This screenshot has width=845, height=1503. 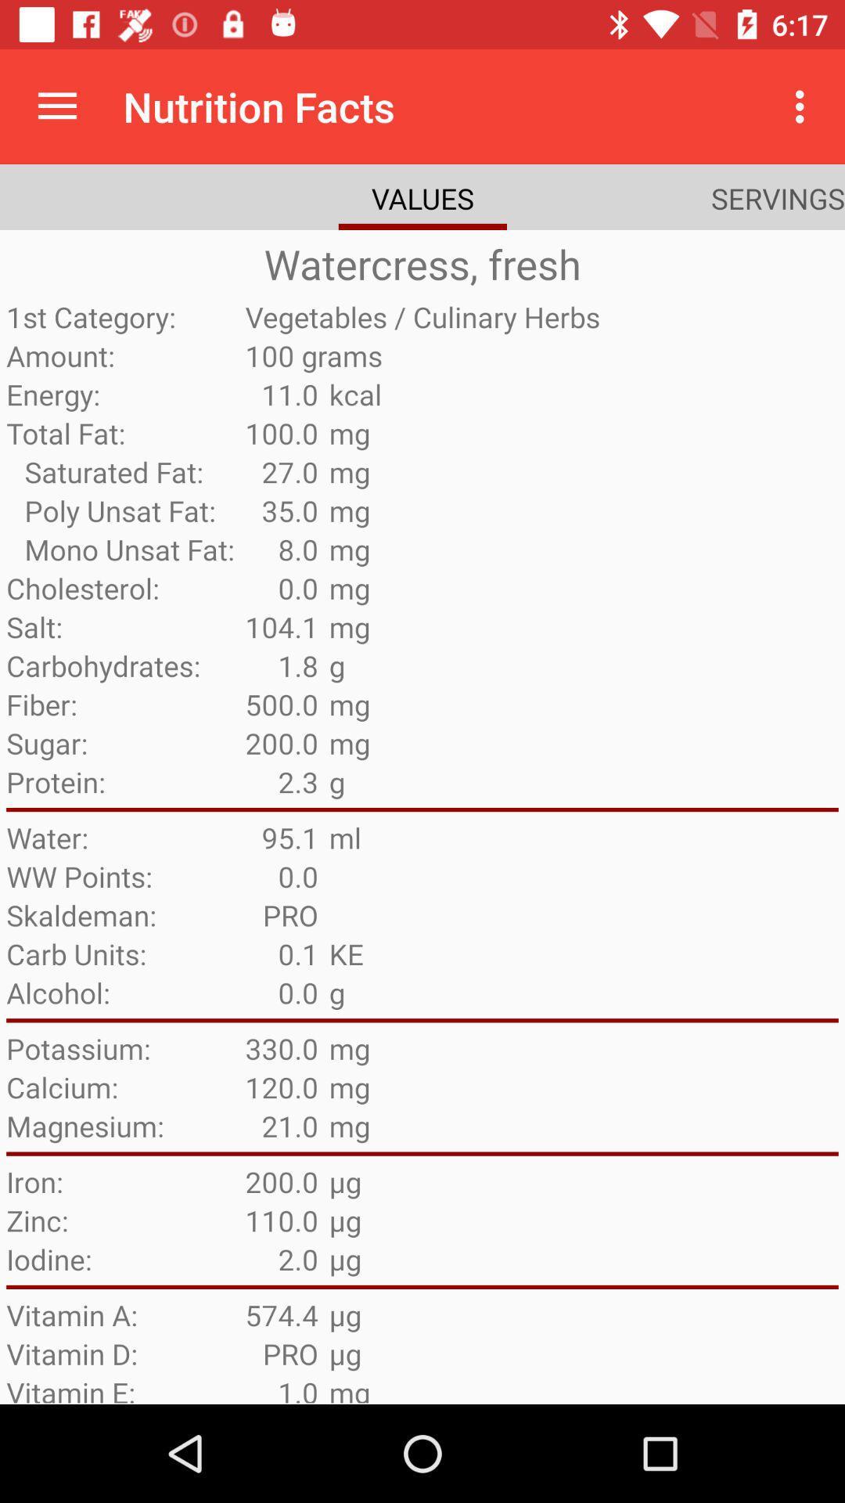 What do you see at coordinates (56, 106) in the screenshot?
I see `icon next to nutrition facts item` at bounding box center [56, 106].